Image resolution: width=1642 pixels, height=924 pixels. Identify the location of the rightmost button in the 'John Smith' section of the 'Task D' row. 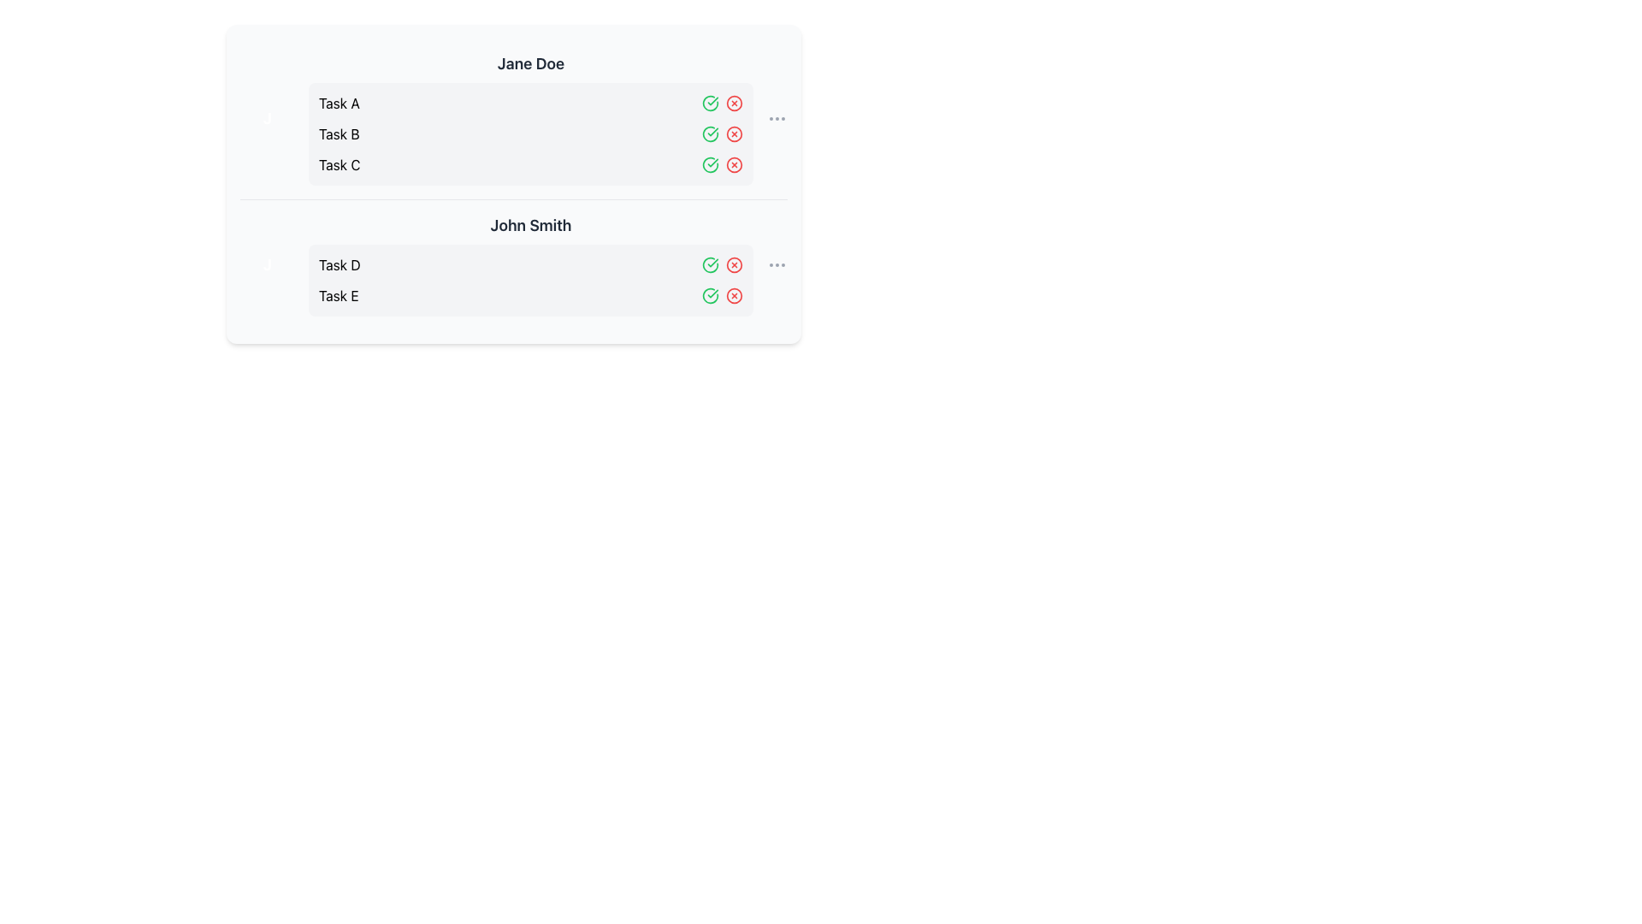
(776, 264).